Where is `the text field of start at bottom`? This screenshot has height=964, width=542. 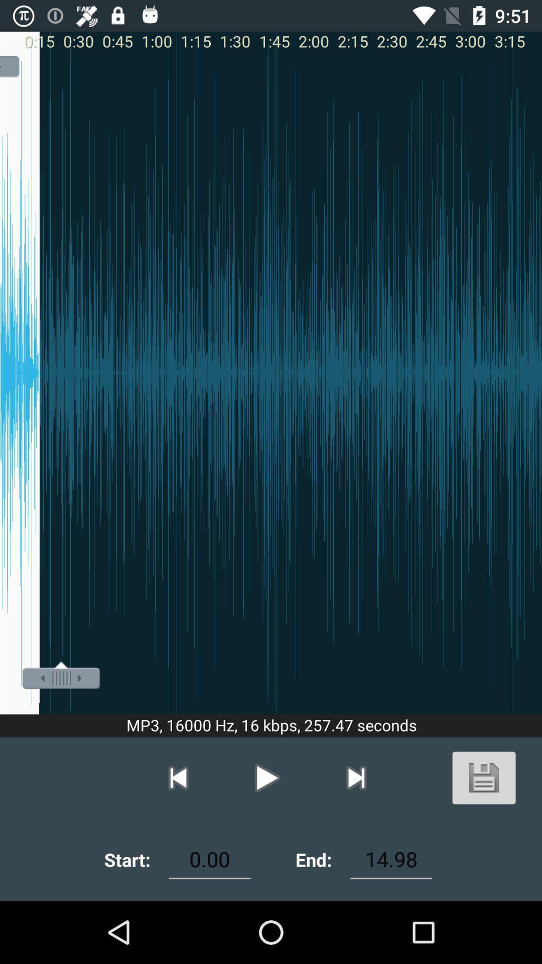 the text field of start at bottom is located at coordinates (209, 859).